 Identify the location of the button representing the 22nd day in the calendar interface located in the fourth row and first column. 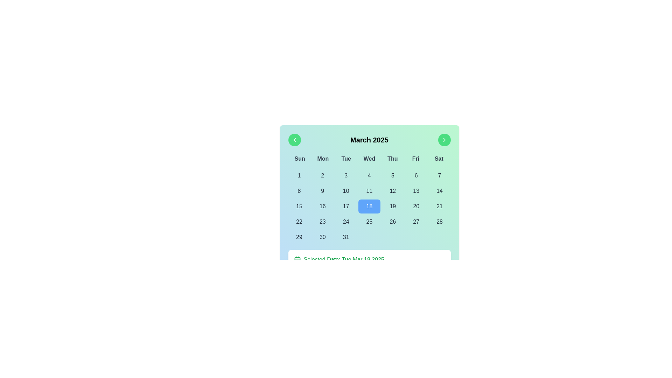
(299, 222).